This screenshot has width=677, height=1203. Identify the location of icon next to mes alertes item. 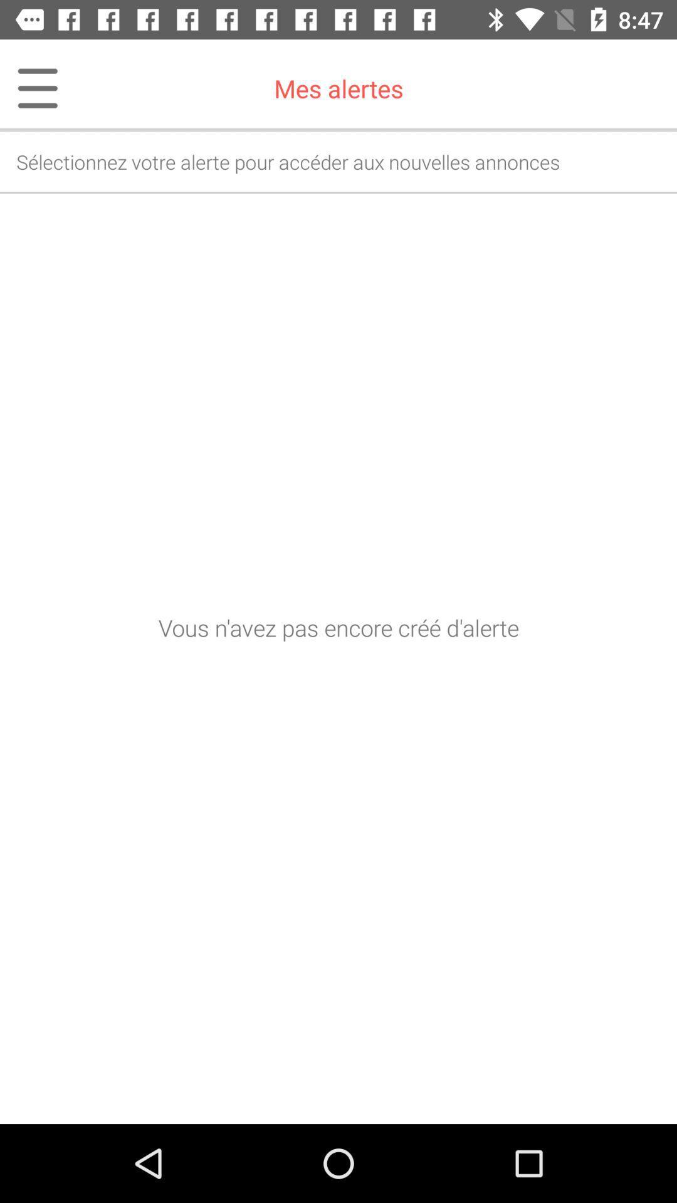
(29, 88).